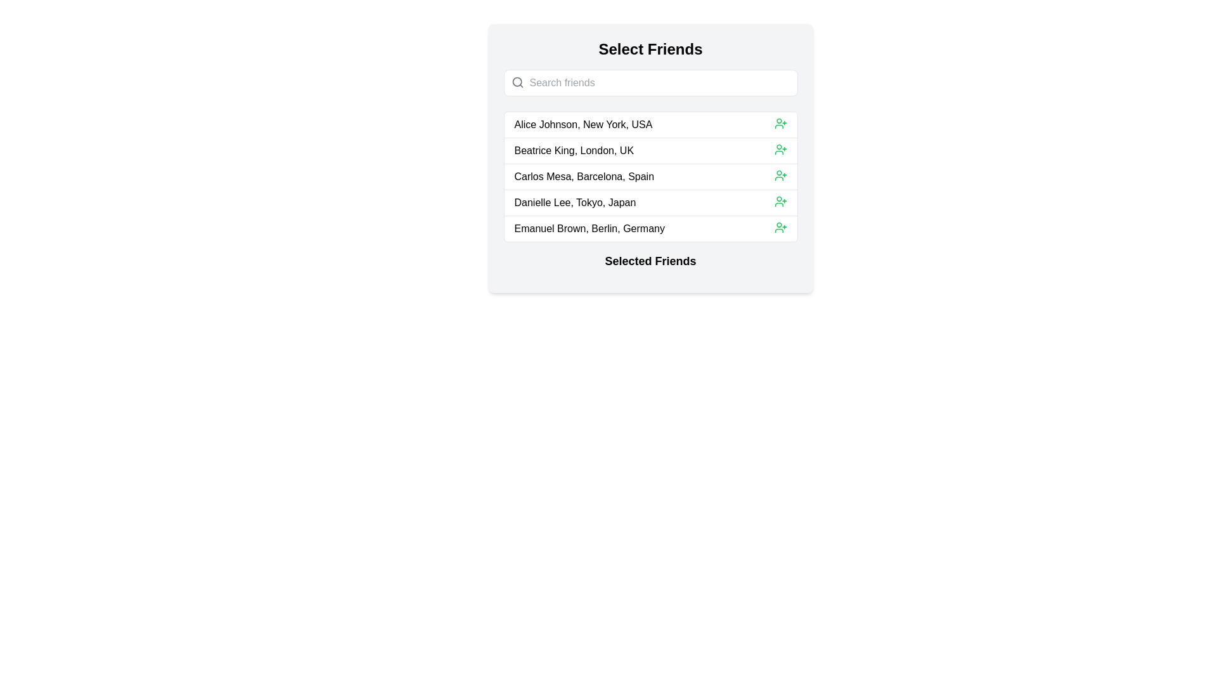  What do you see at coordinates (650, 176) in the screenshot?
I see `the list item displaying 'Carlos Mesa, Barcelona, Spain' for navigation` at bounding box center [650, 176].